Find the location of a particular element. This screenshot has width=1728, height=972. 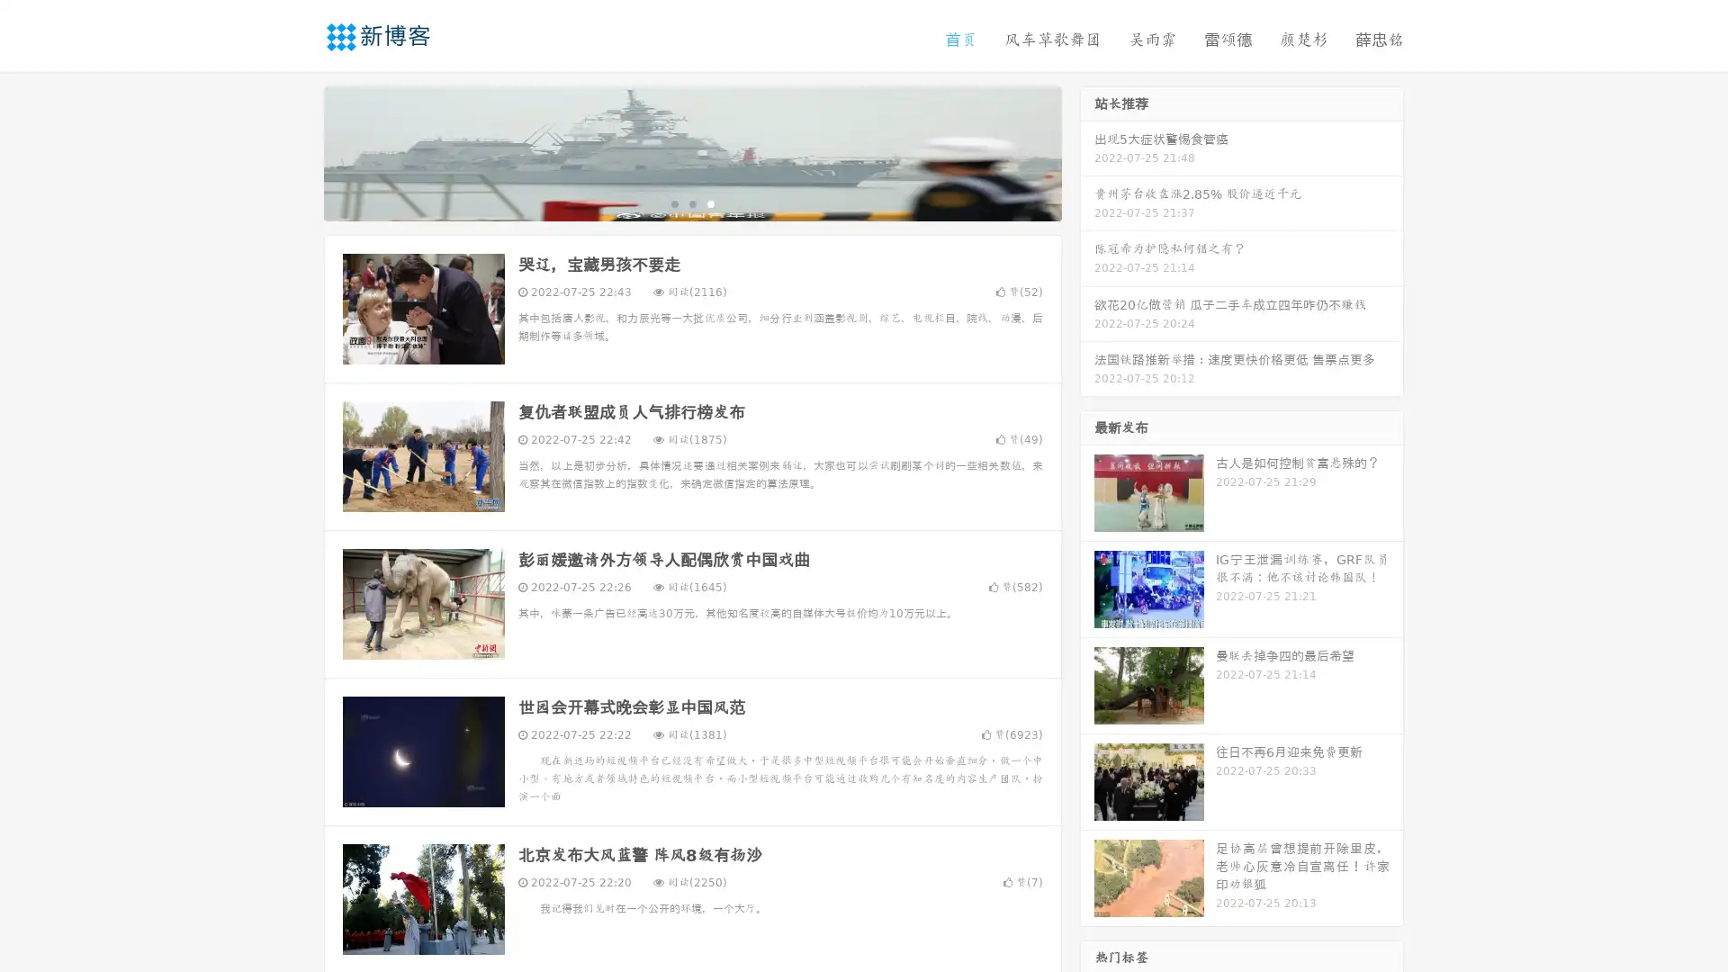

Next slide is located at coordinates (1087, 151).